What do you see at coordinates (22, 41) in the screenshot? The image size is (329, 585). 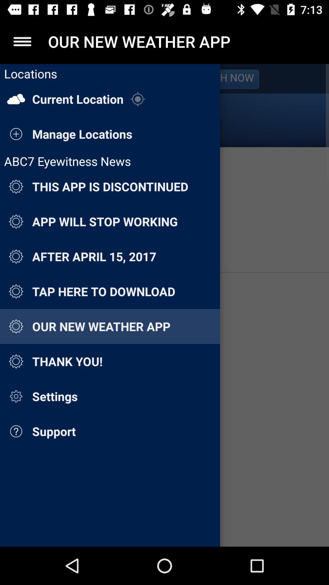 I see `the icon next to the our new weather icon` at bounding box center [22, 41].